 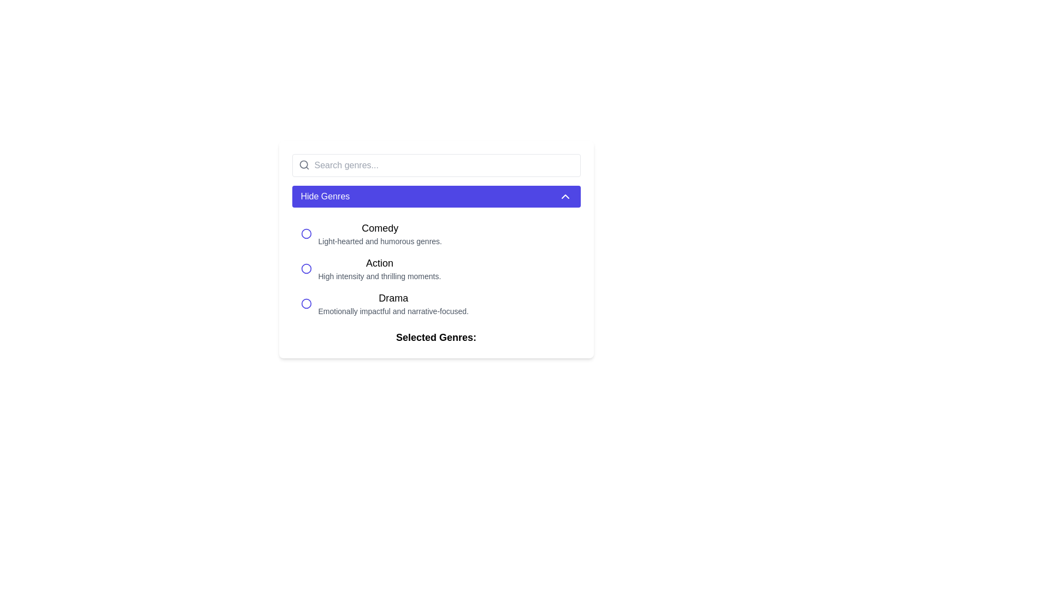 What do you see at coordinates (303, 164) in the screenshot?
I see `the decorative SVG circle inside the lens of the magnifying glass icon, which enhances the visual representation of a search tool` at bounding box center [303, 164].